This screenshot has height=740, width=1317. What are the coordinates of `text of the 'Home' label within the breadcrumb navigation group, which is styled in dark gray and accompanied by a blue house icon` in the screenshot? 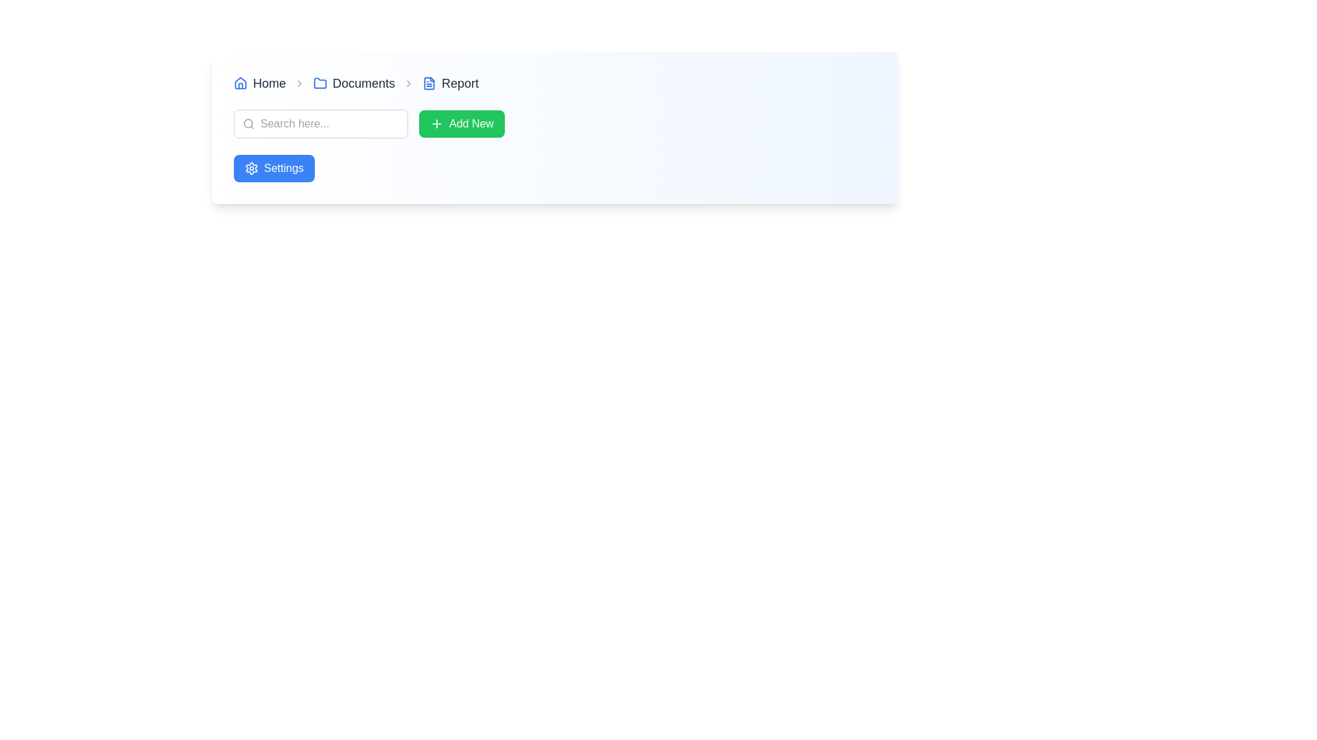 It's located at (260, 84).